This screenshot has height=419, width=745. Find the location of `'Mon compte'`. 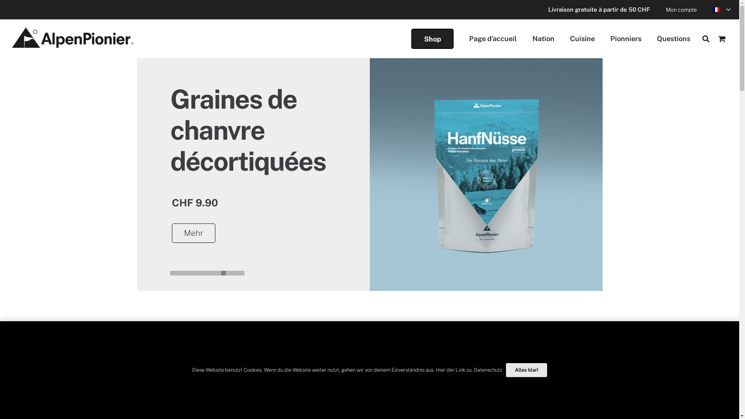

'Mon compte' is located at coordinates (681, 9).